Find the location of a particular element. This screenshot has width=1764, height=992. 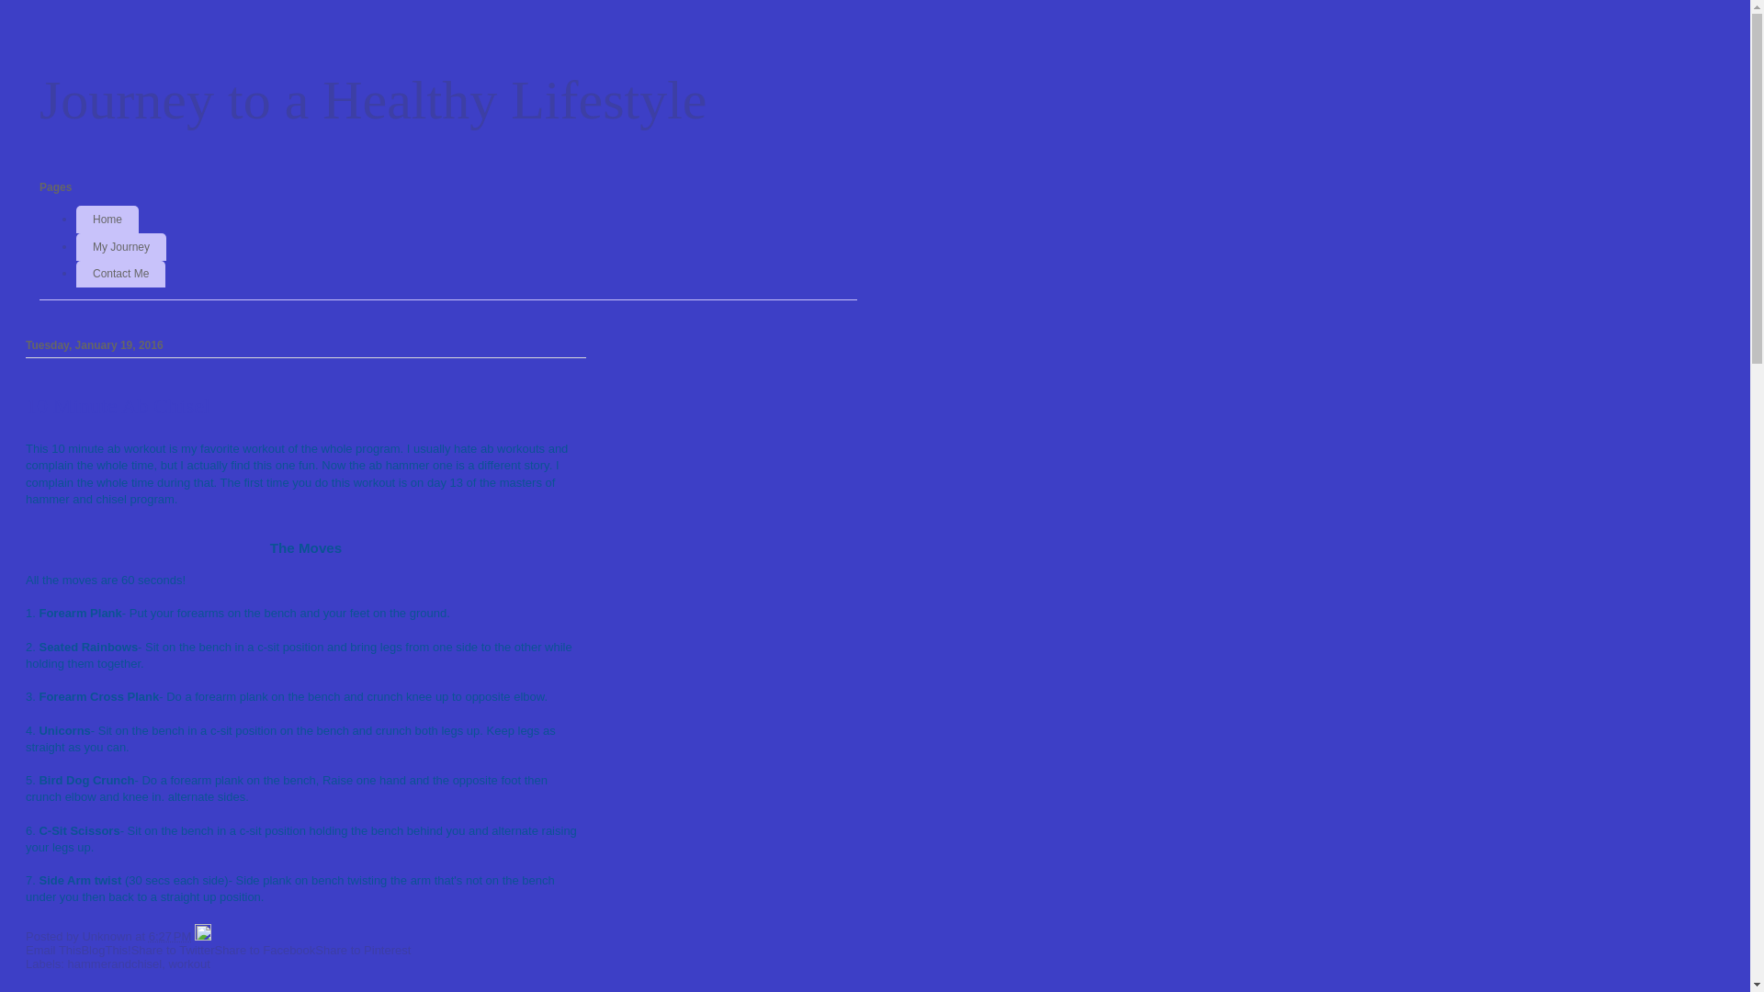

'Share to Twitter' is located at coordinates (173, 950).